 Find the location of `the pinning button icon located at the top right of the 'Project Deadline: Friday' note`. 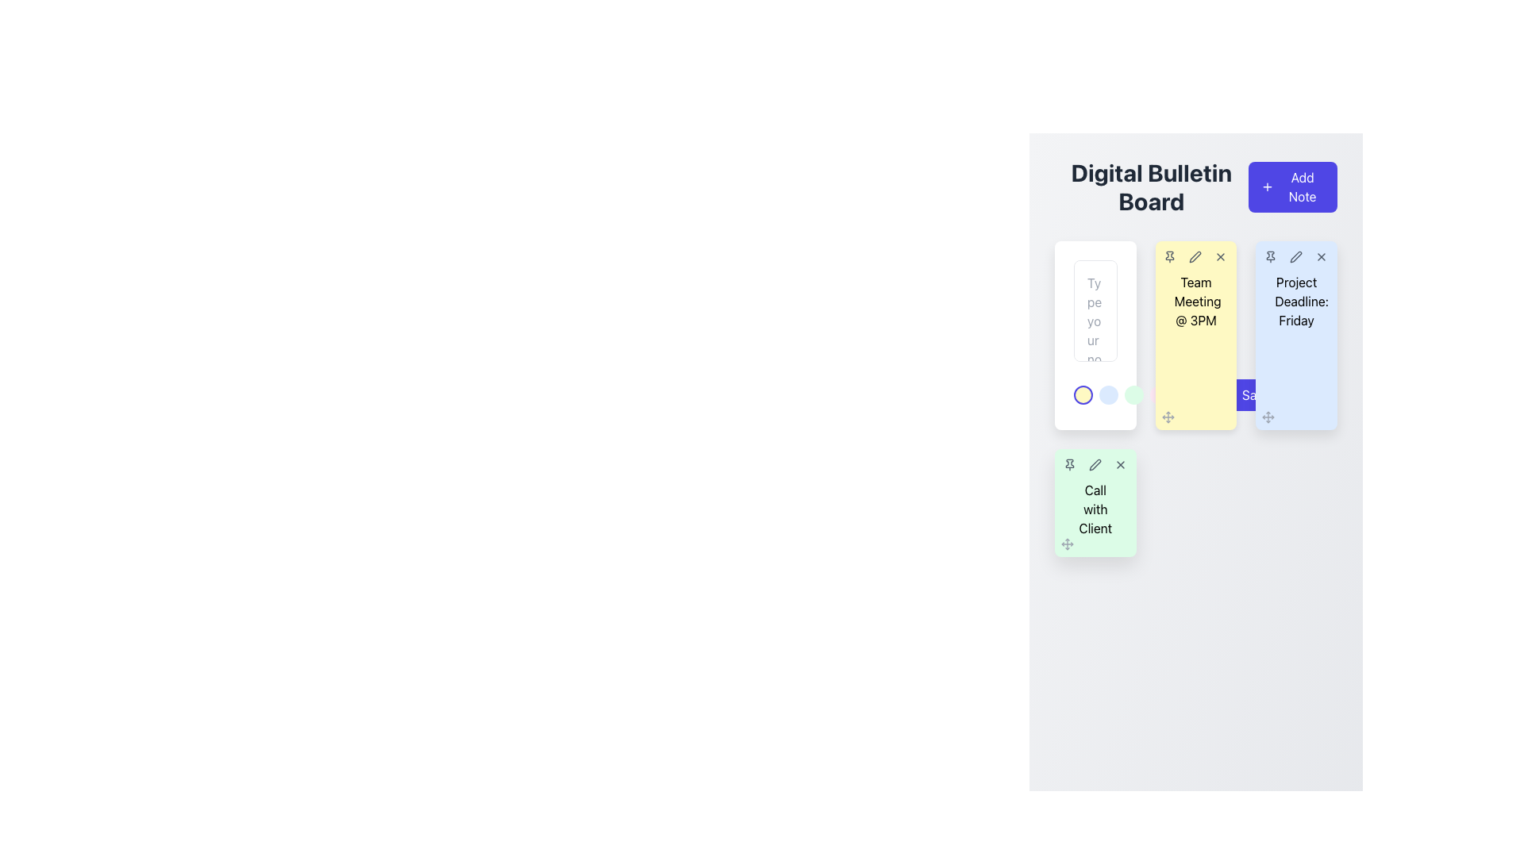

the pinning button icon located at the top right of the 'Project Deadline: Friday' note is located at coordinates (1270, 256).